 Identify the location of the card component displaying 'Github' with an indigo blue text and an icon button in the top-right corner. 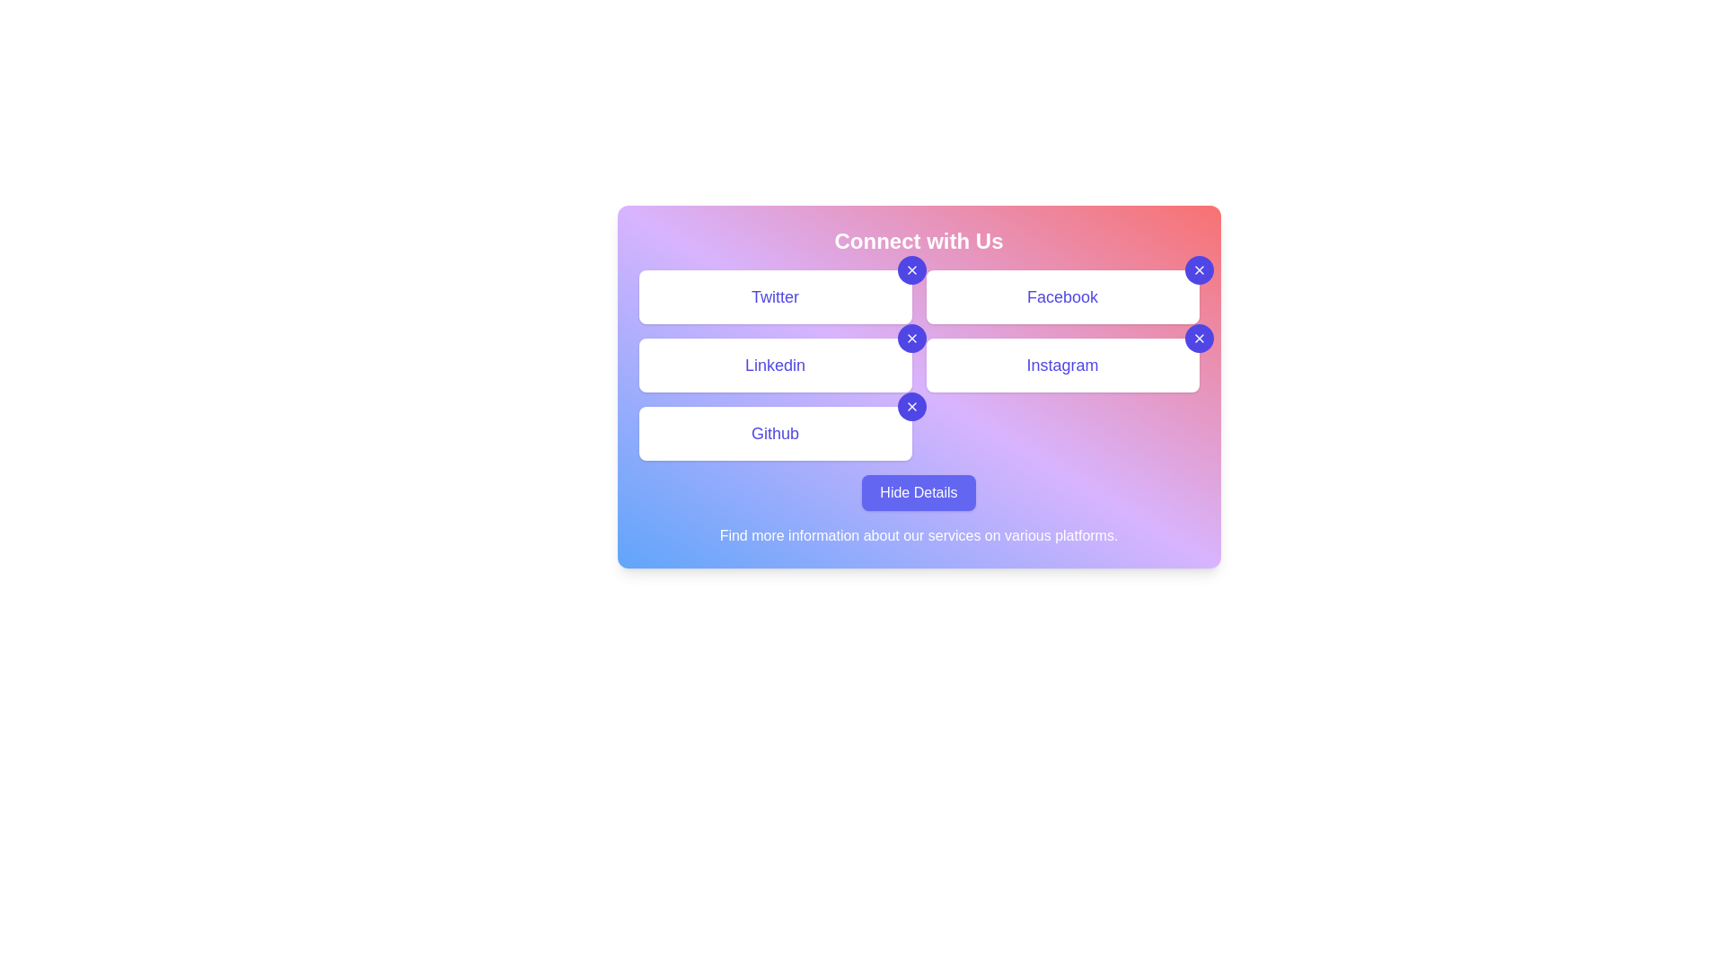
(775, 433).